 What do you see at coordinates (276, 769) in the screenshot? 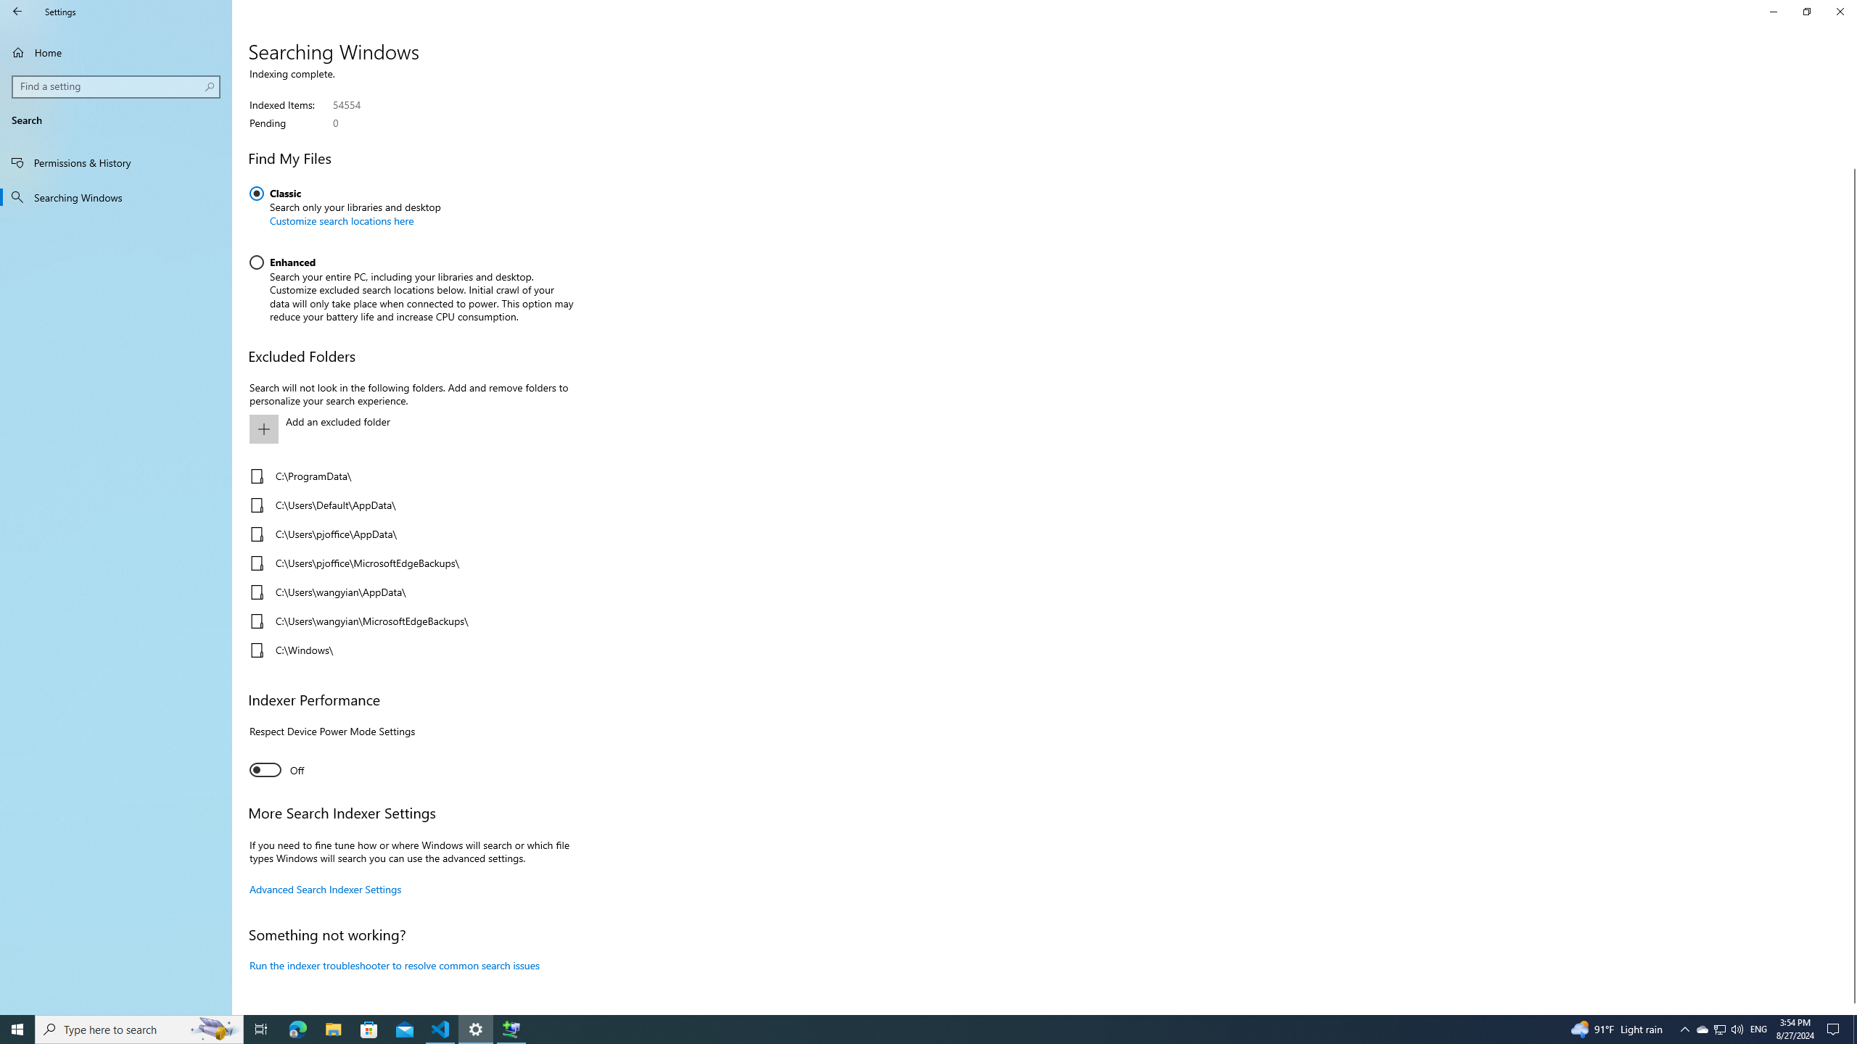
I see `'Indexer Performance. Respect Device Power Mode Settings'` at bounding box center [276, 769].